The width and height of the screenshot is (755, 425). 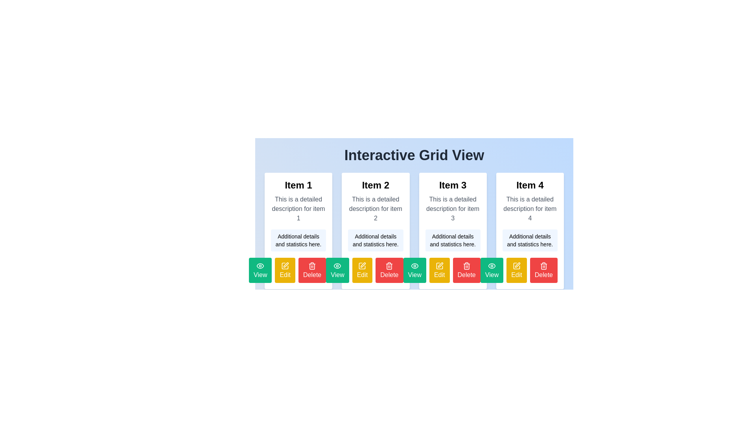 I want to click on the 'View' button located at the bottom of the card for 'Item 3', so click(x=414, y=270).